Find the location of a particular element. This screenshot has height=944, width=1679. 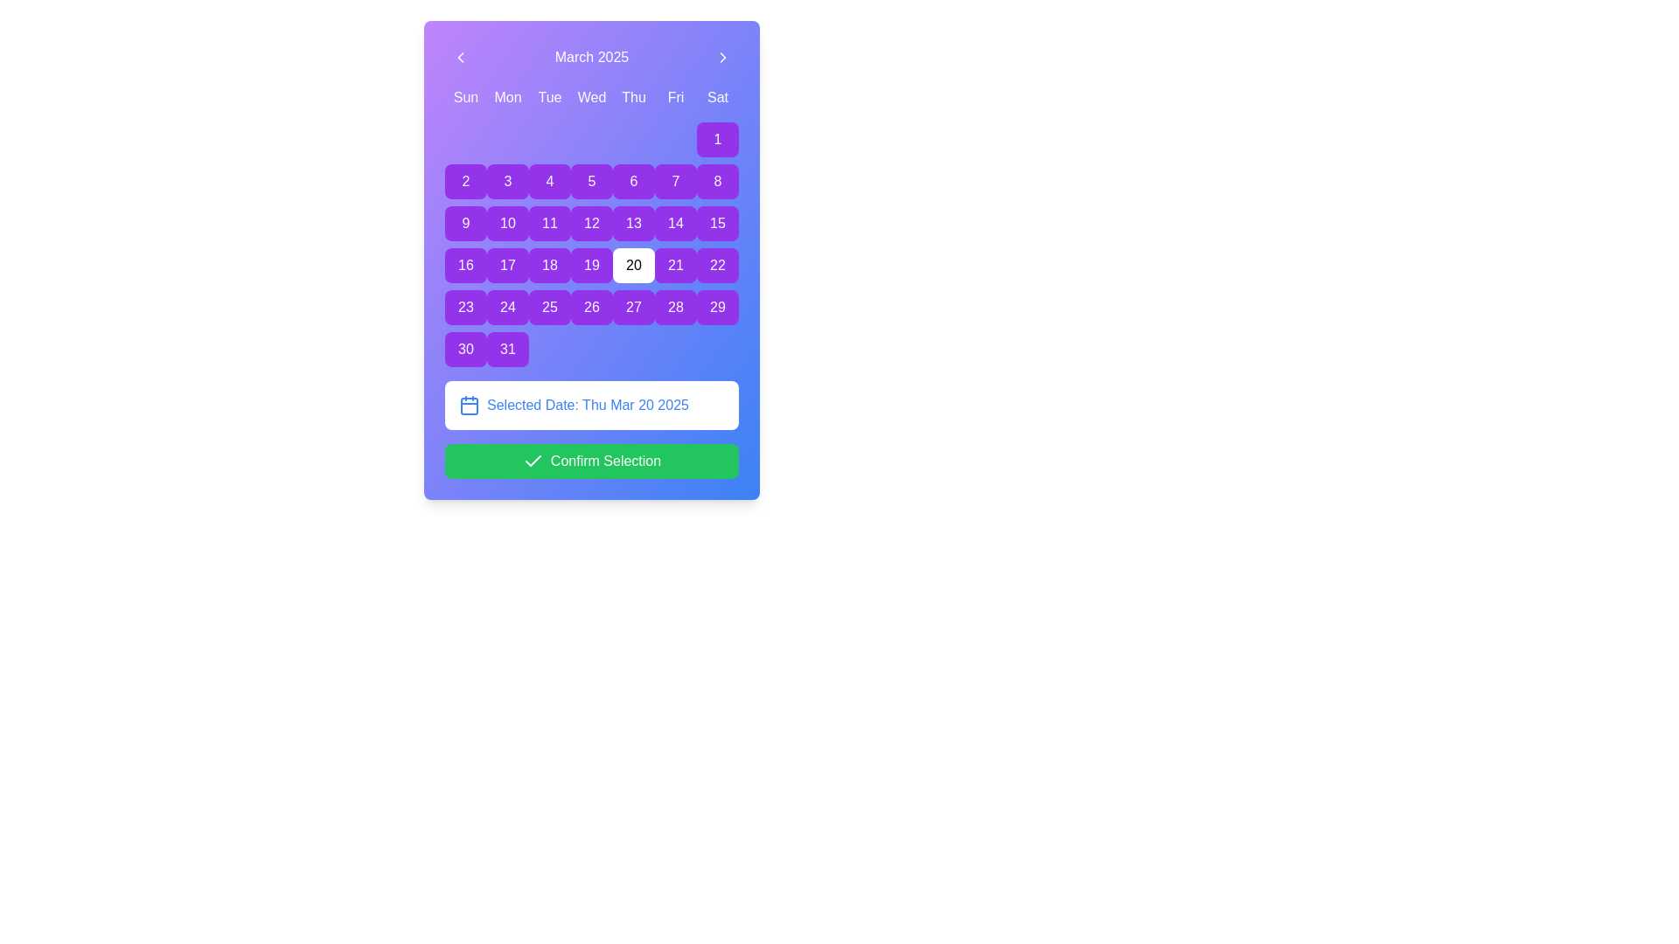

the button representing the selectable date '19' in the calendar is located at coordinates (591, 266).